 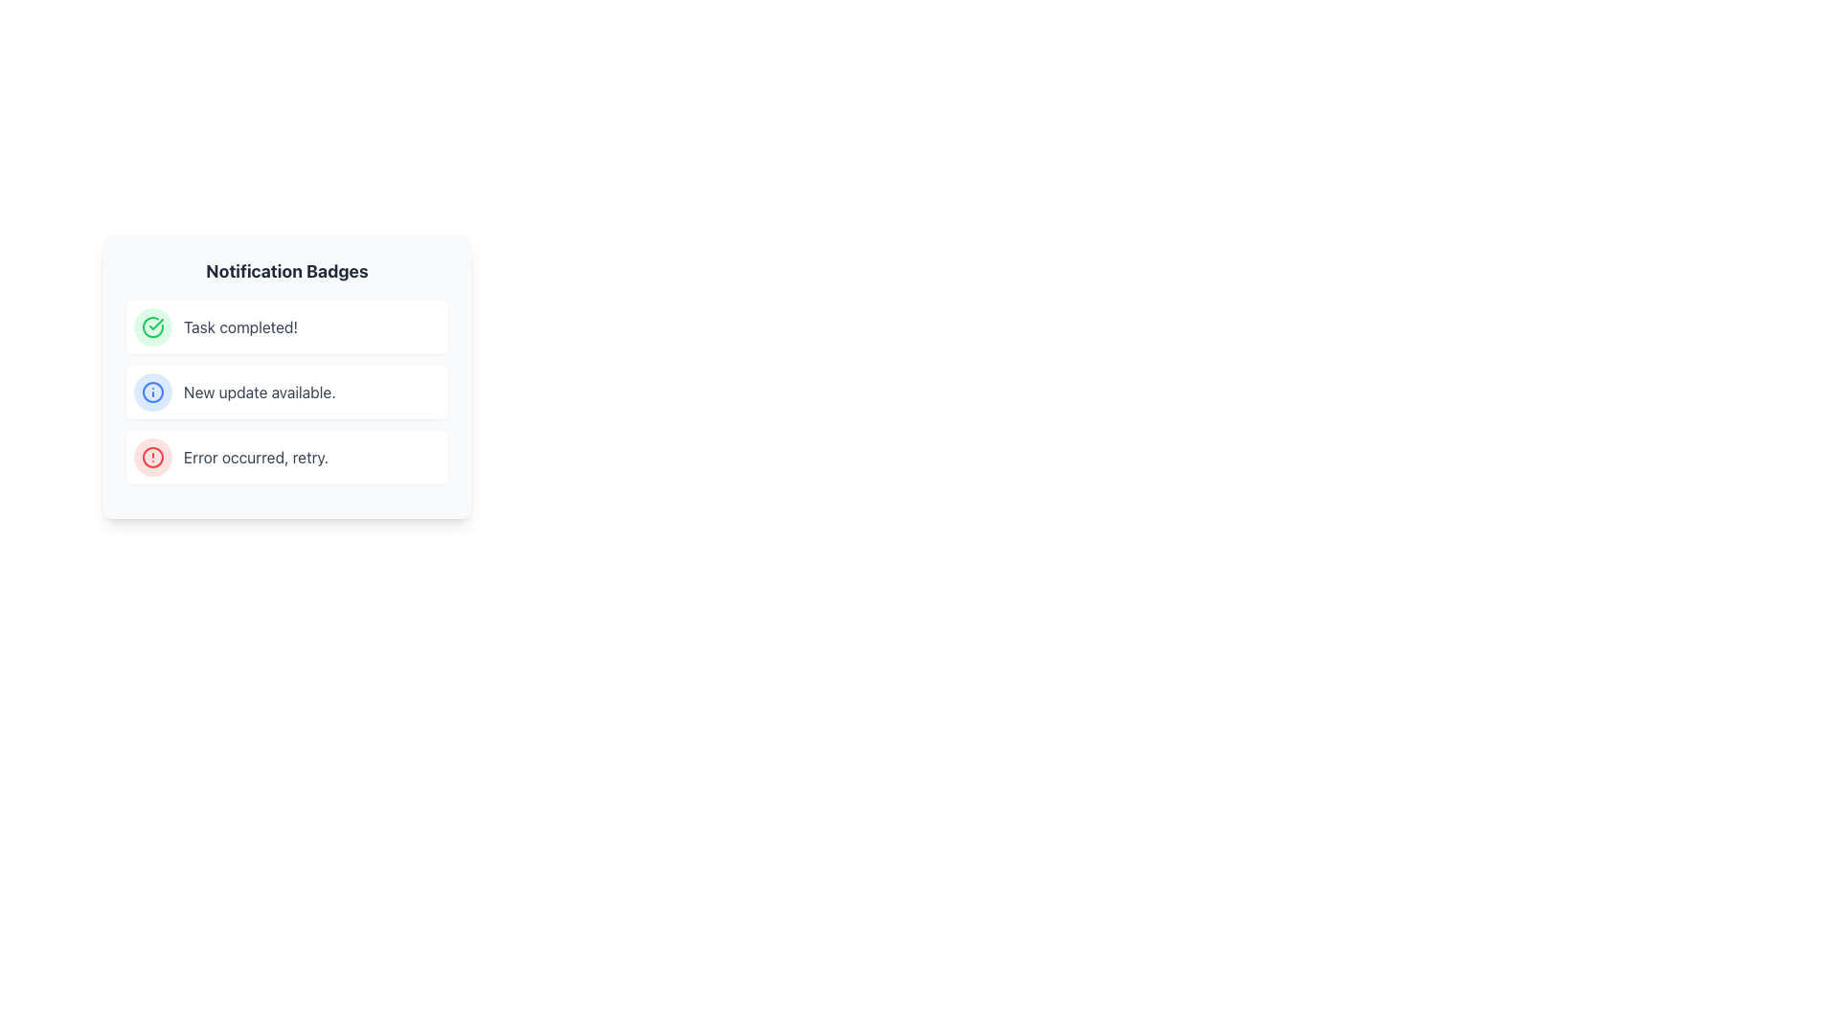 I want to click on the informational icon indicating 'New update available.' which is positioned to the left of the corresponding text within the notification badge, specifically the second item in the list of notification badges, so click(x=151, y=391).